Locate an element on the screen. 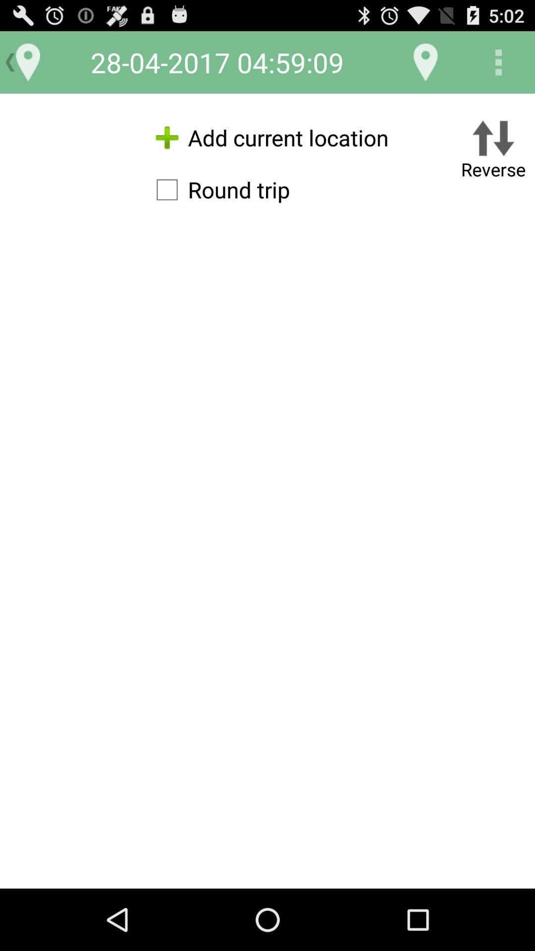 The width and height of the screenshot is (535, 951). round trip is located at coordinates (217, 190).